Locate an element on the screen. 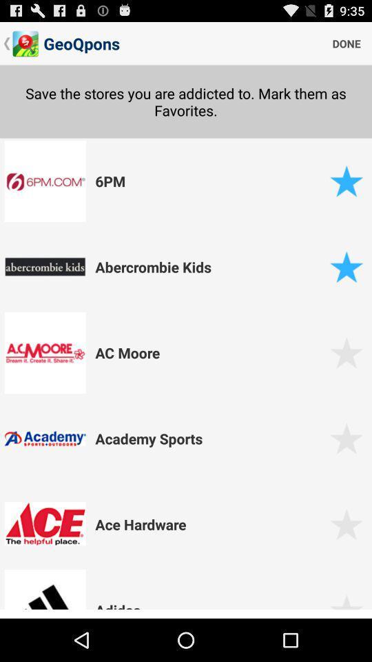 The width and height of the screenshot is (372, 662). to favorite is located at coordinates (346, 605).